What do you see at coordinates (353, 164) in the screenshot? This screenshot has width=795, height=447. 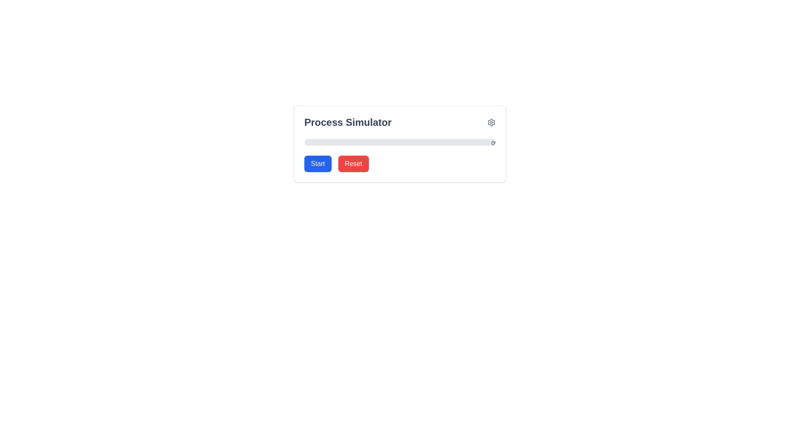 I see `the reset button located to the right of the 'Start' button in the 'Process Simulator' card to observe the color transition effect` at bounding box center [353, 164].